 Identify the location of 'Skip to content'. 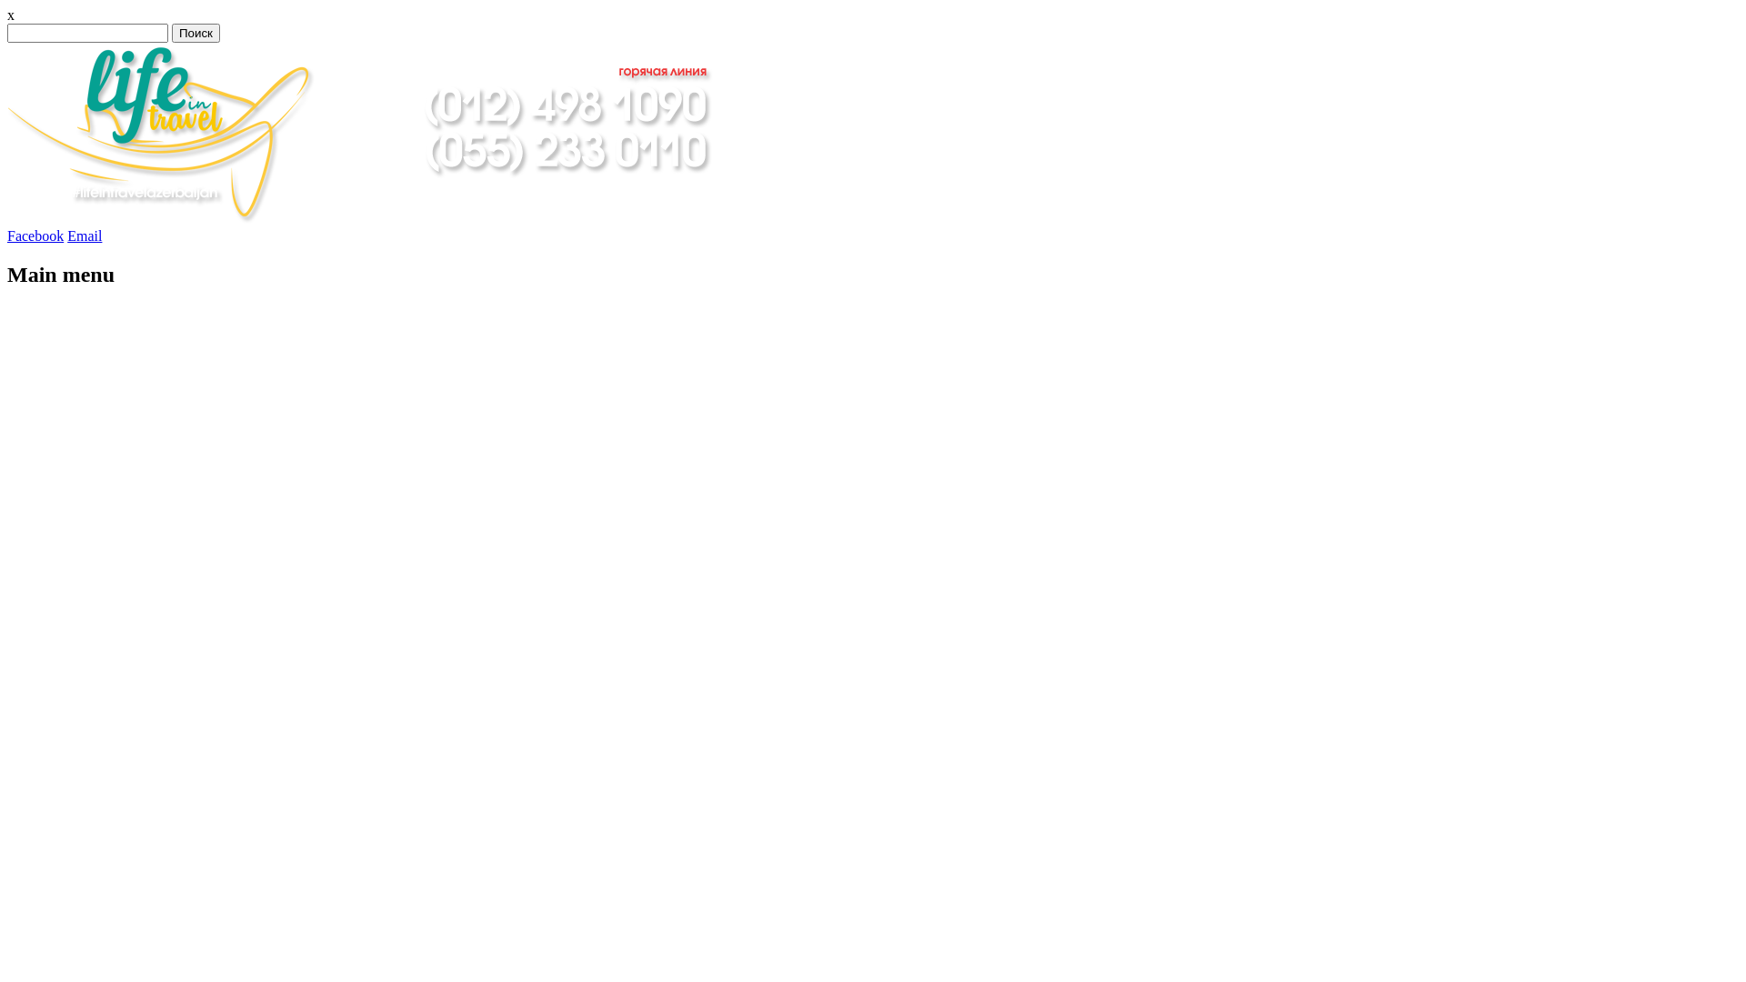
(5, 328).